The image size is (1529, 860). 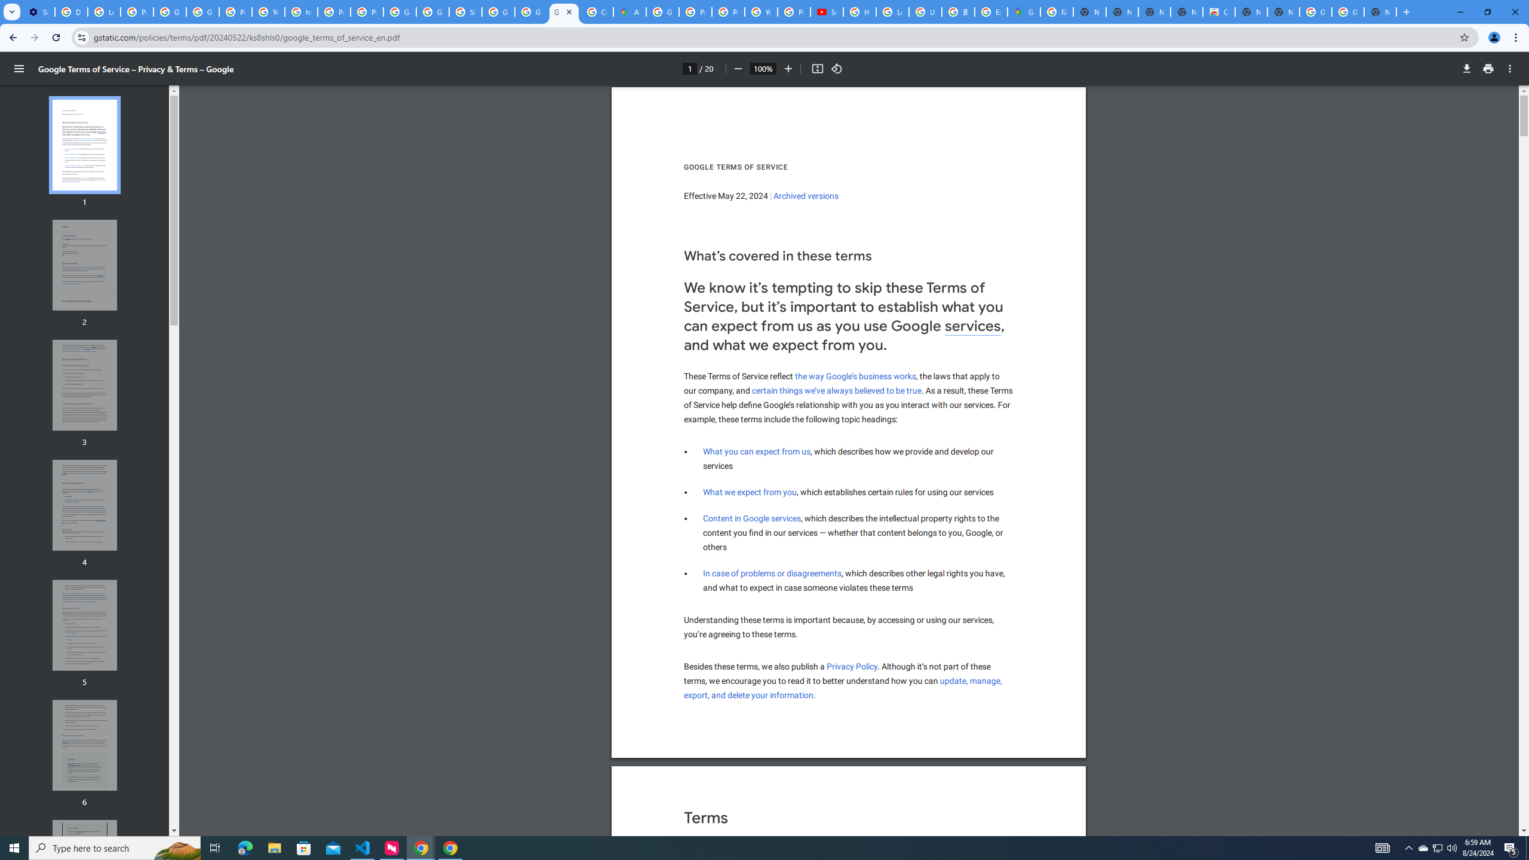 What do you see at coordinates (972, 327) in the screenshot?
I see `'services'` at bounding box center [972, 327].